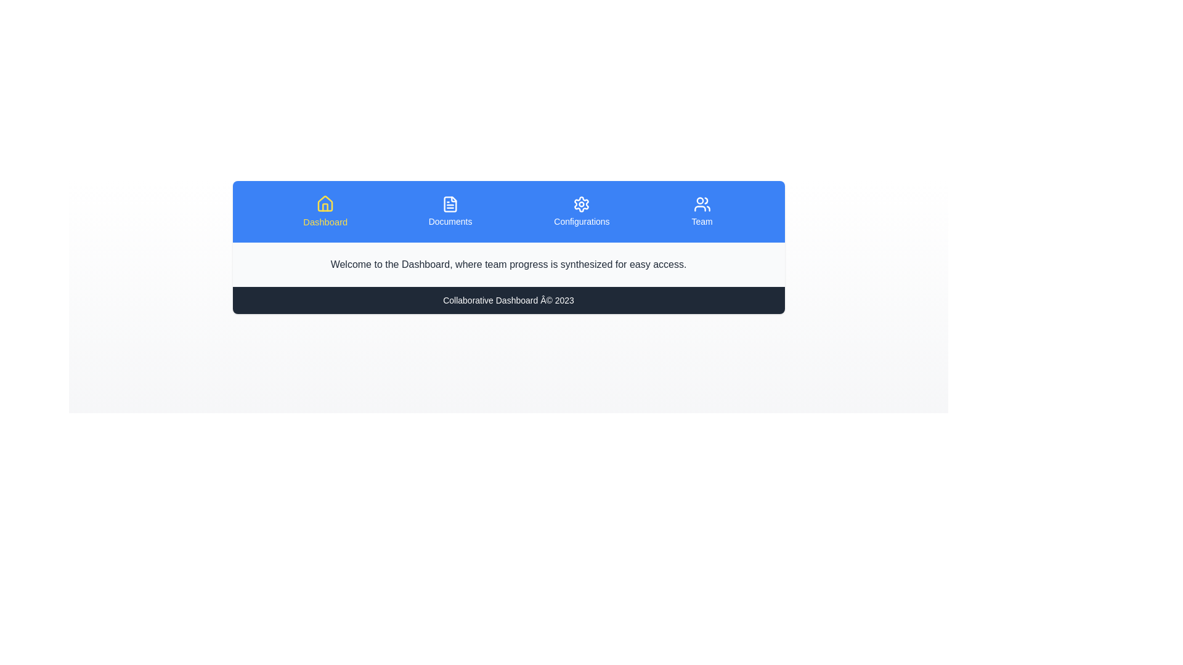  I want to click on the tab labeled Configurations, so click(581, 211).